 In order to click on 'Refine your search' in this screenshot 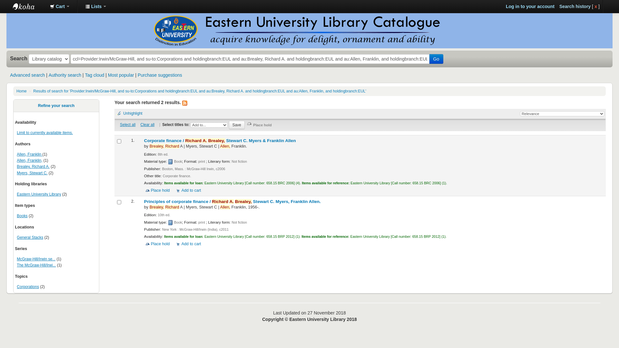, I will do `click(56, 105)`.